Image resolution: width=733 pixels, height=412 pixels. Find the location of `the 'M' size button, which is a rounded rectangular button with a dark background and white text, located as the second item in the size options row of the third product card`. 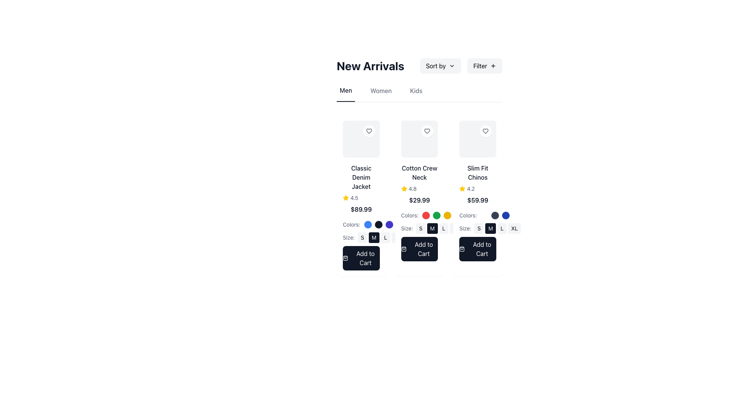

the 'M' size button, which is a rounded rectangular button with a dark background and white text, located as the second item in the size options row of the third product card is located at coordinates (491, 228).